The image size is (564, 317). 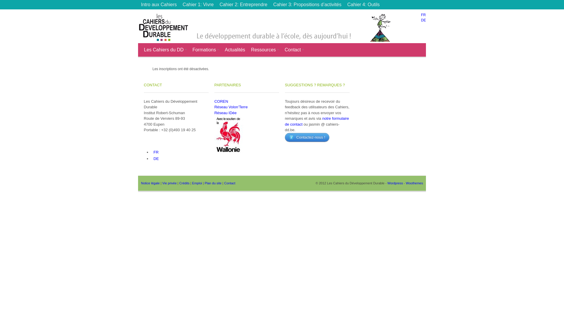 What do you see at coordinates (221, 101) in the screenshot?
I see `'COREN'` at bounding box center [221, 101].